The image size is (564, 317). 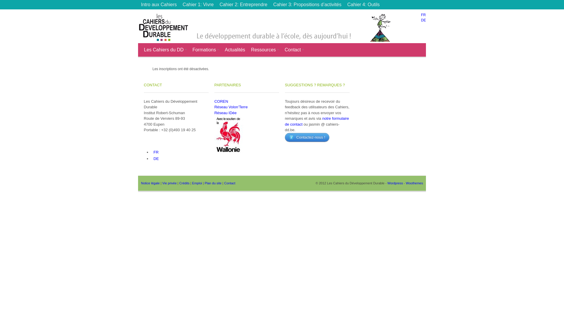 What do you see at coordinates (221, 101) in the screenshot?
I see `'COREN'` at bounding box center [221, 101].